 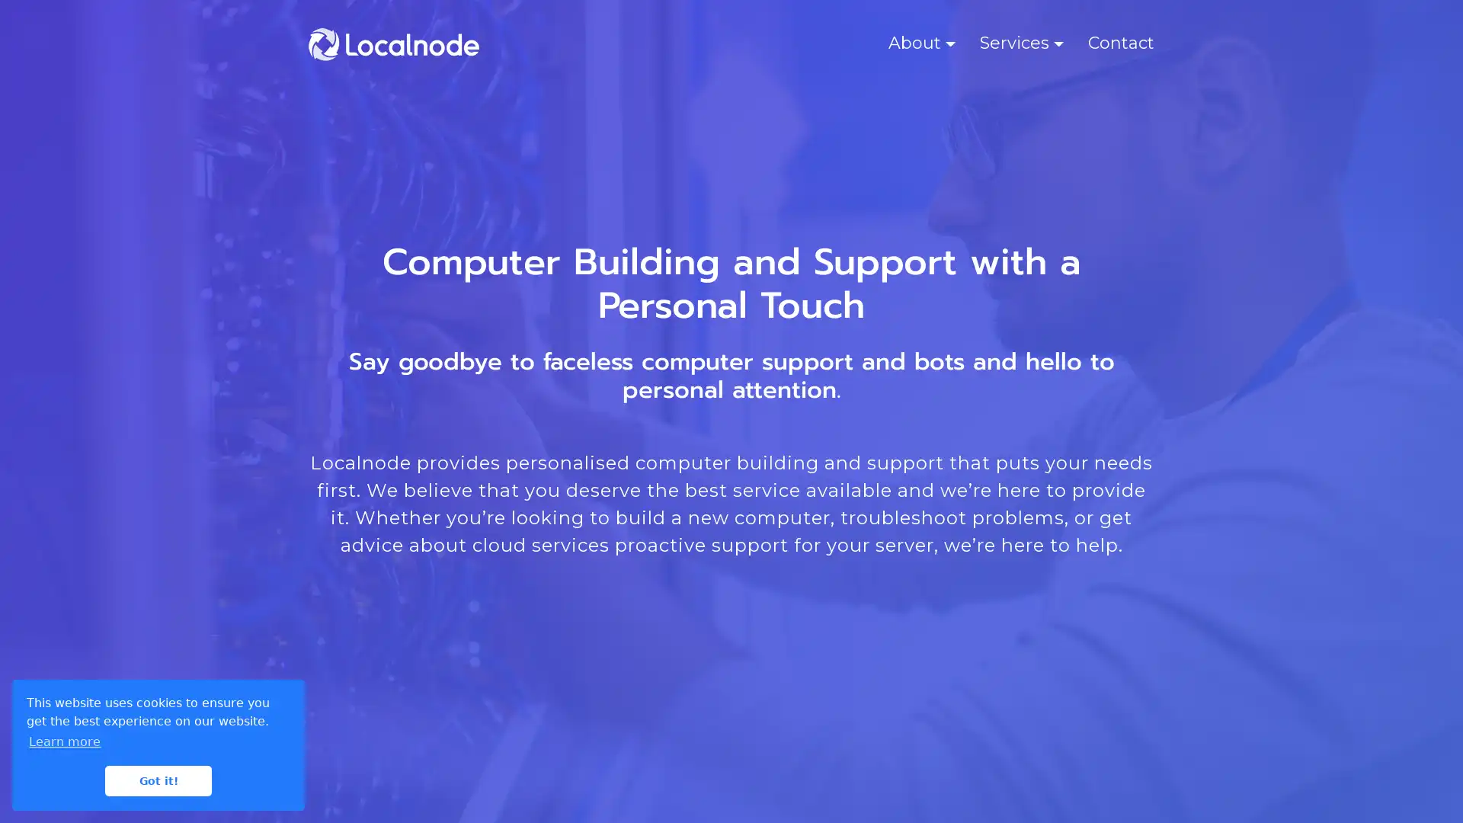 I want to click on dismiss cookie message, so click(x=158, y=780).